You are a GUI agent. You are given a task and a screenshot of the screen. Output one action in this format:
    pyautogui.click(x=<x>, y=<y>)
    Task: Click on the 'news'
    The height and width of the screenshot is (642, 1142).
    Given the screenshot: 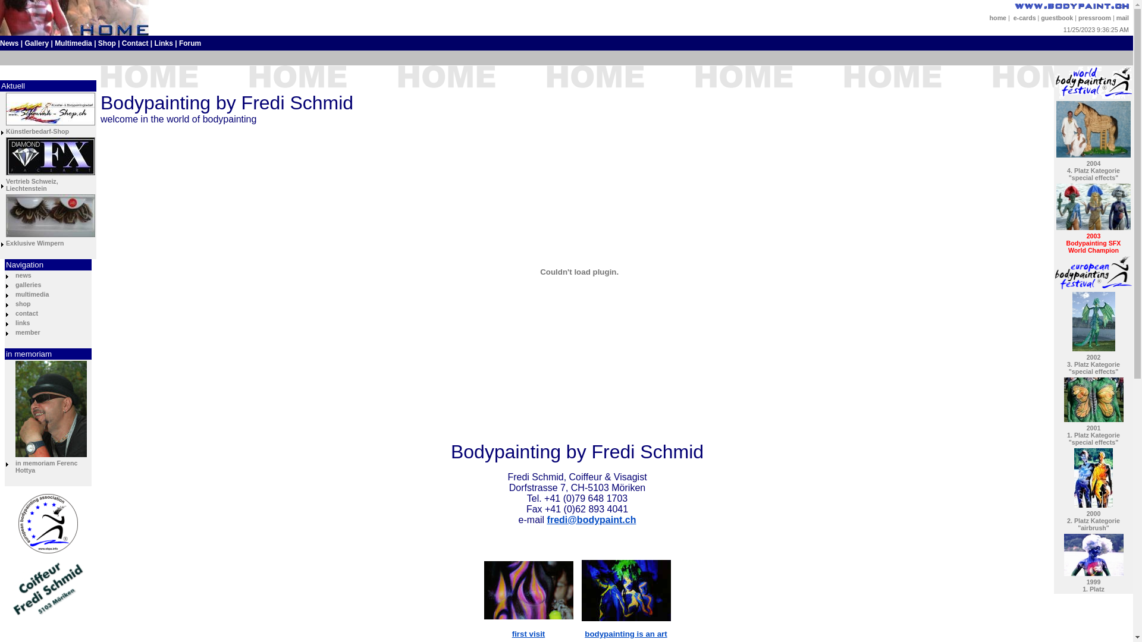 What is the action you would take?
    pyautogui.click(x=15, y=275)
    